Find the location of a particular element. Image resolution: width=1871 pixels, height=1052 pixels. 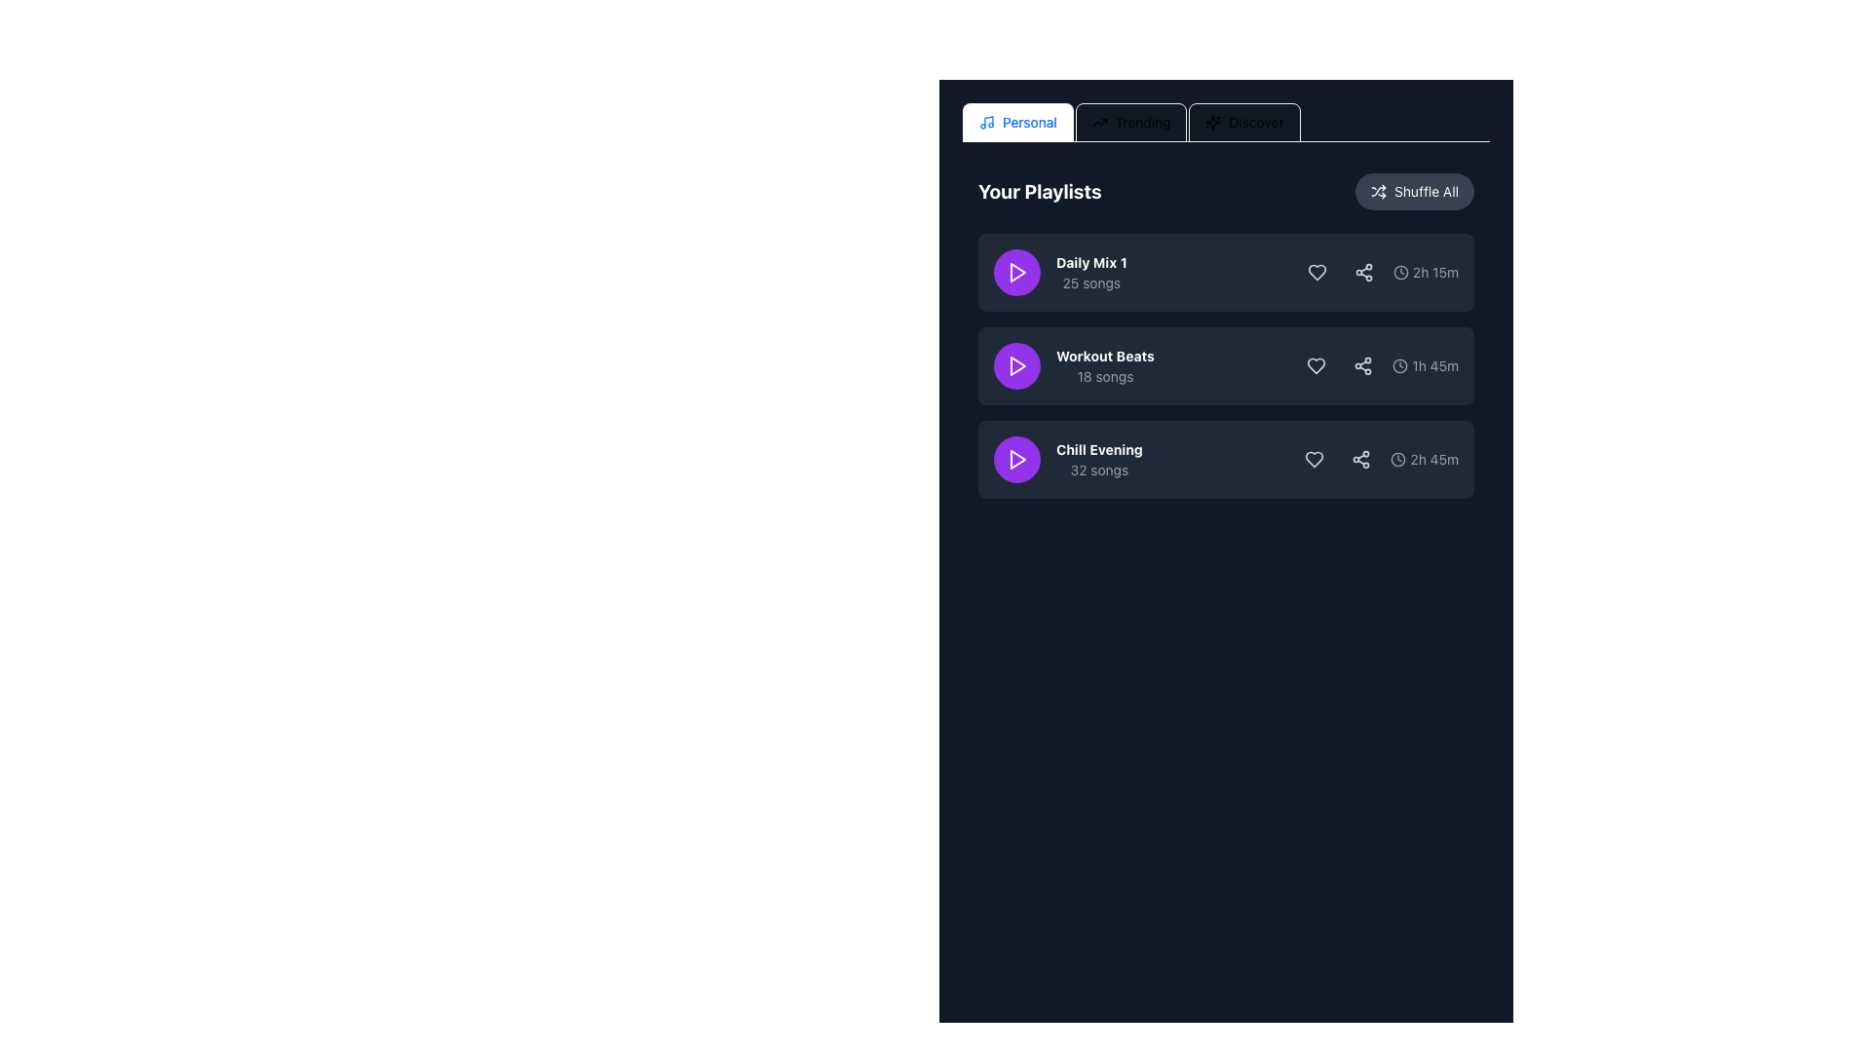

text label displaying 'Chill Evening' which is positioned centrally above the song count label in the bottom playlist entry is located at coordinates (1099, 450).